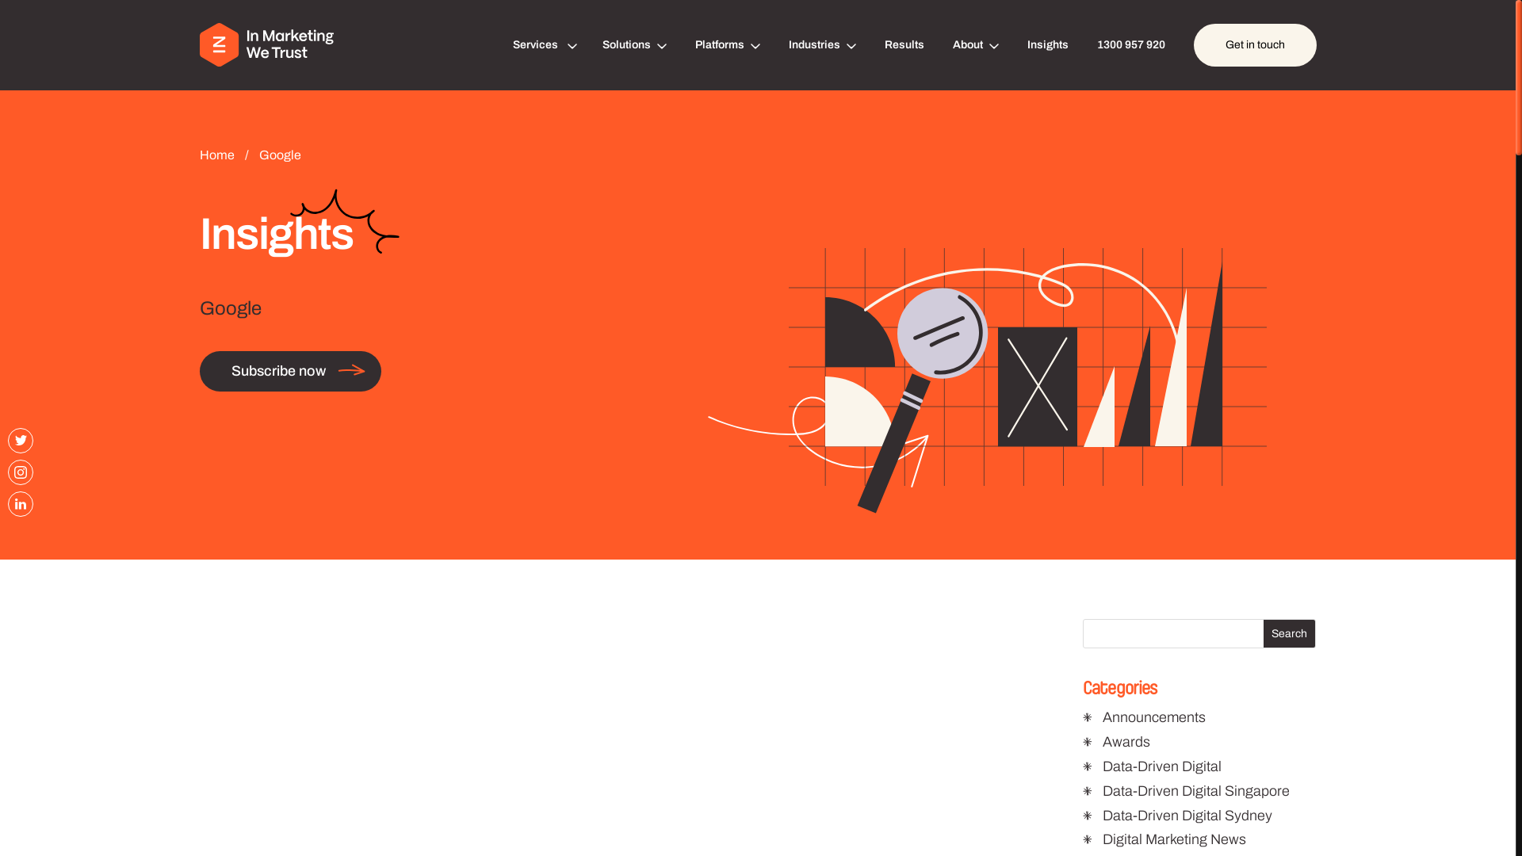 Image resolution: width=1522 pixels, height=856 pixels. Describe the element at coordinates (1254, 44) in the screenshot. I see `'Get in touch'` at that location.